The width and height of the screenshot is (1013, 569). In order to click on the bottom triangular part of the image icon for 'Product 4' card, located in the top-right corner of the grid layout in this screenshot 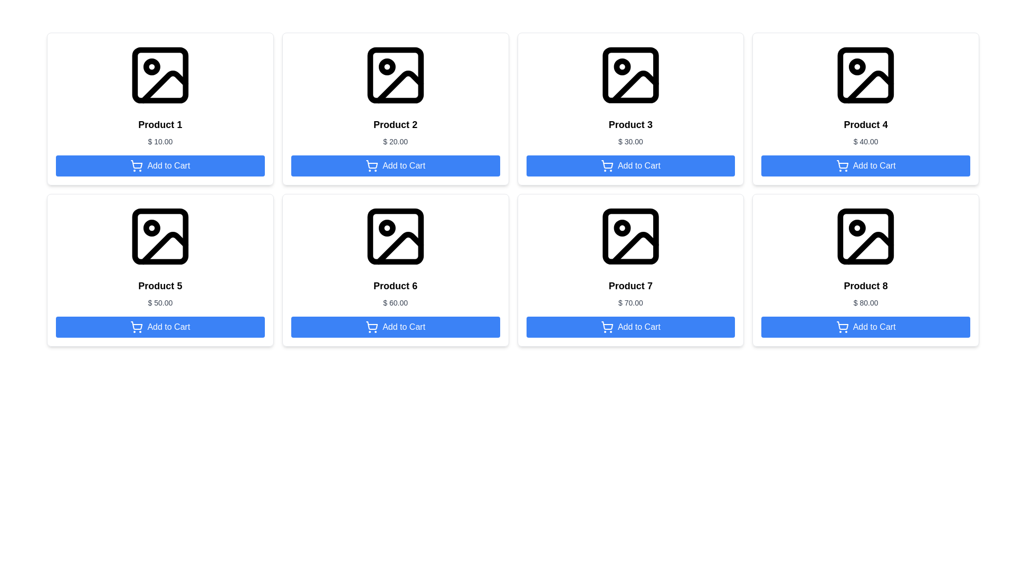, I will do `click(870, 86)`.